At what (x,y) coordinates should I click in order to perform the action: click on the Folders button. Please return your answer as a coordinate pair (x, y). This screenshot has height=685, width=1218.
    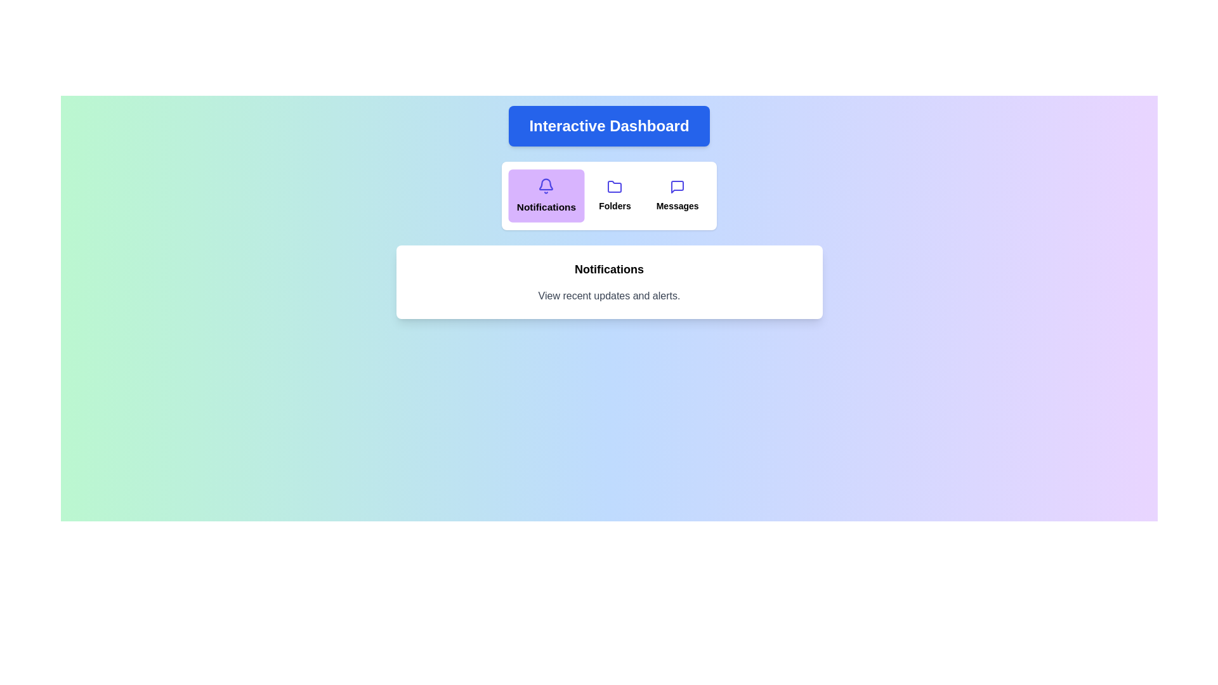
    Looking at the image, I should click on (615, 195).